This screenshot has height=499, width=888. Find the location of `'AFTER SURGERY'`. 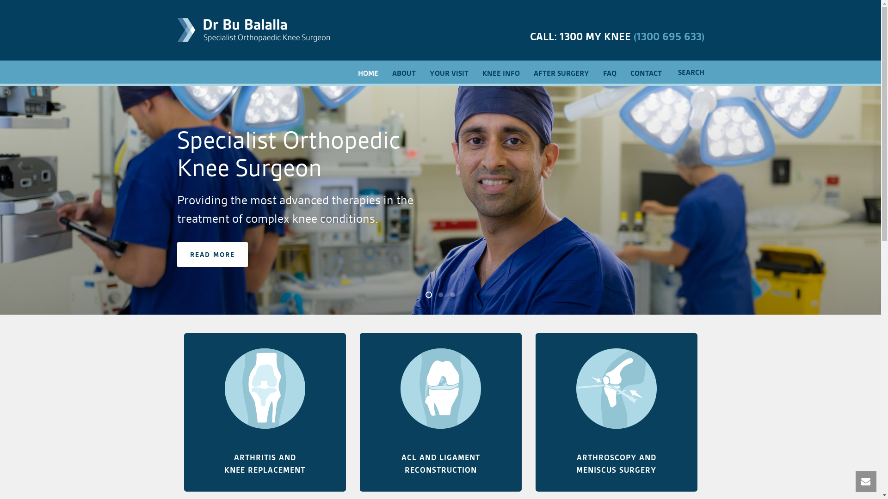

'AFTER SURGERY' is located at coordinates (561, 72).